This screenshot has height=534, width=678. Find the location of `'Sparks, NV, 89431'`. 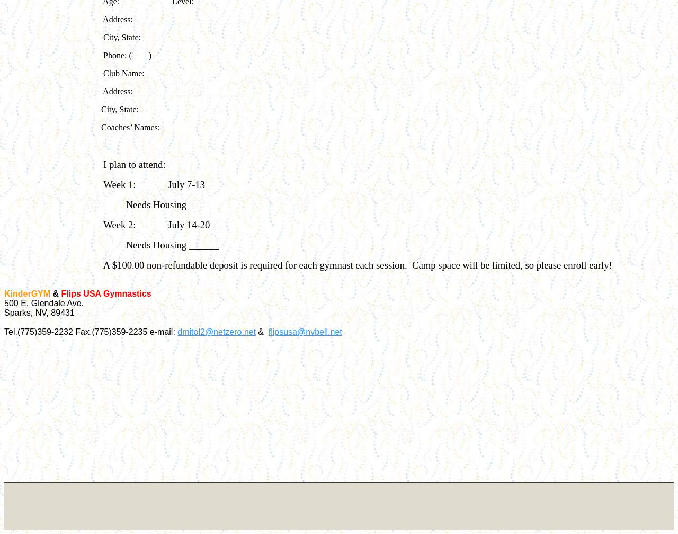

'Sparks, NV, 89431' is located at coordinates (39, 313).